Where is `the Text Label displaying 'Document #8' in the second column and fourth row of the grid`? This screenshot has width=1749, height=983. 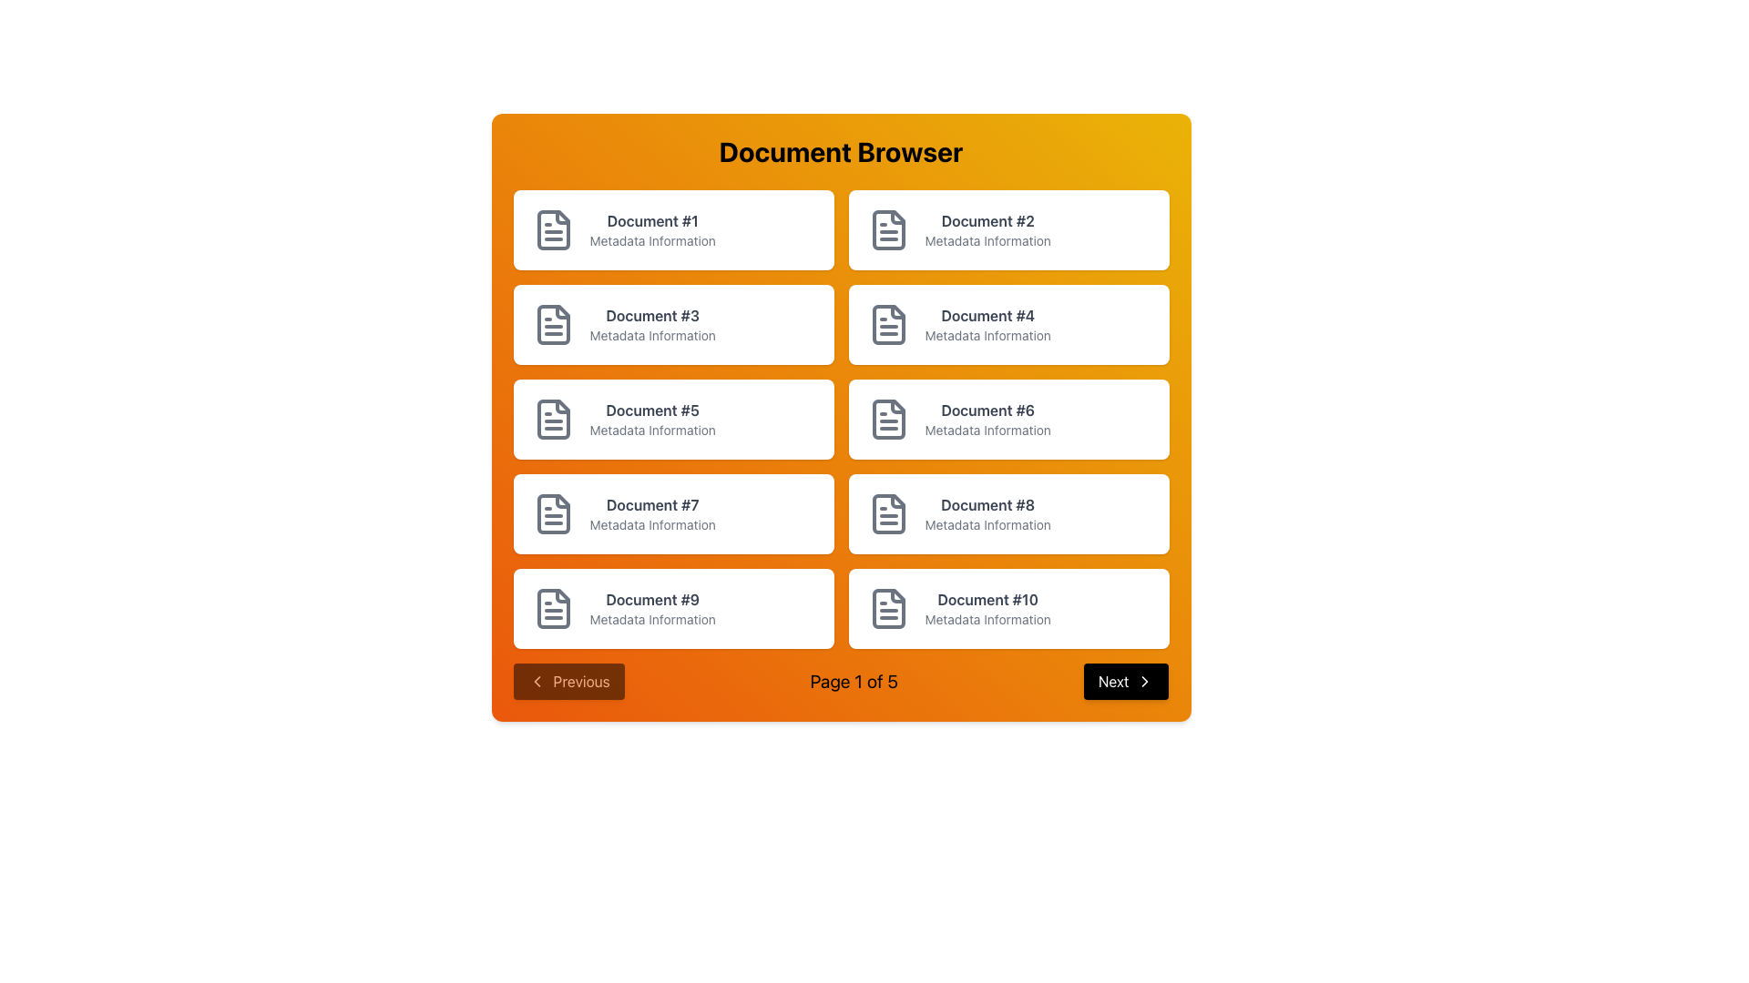 the Text Label displaying 'Document #8' in the second column and fourth row of the grid is located at coordinates (987, 505).